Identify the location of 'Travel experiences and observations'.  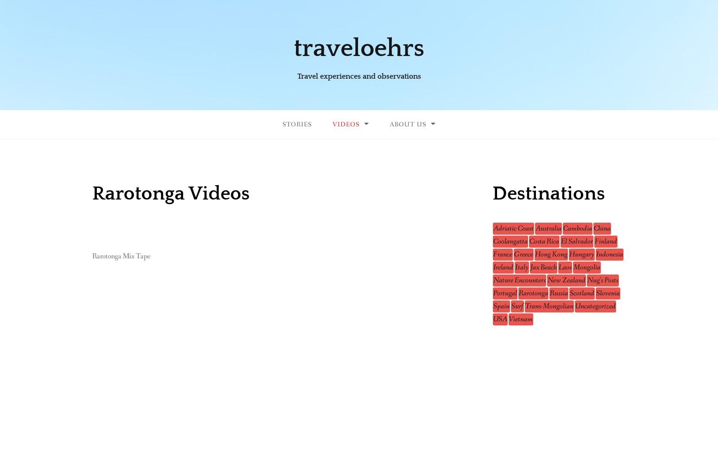
(359, 75).